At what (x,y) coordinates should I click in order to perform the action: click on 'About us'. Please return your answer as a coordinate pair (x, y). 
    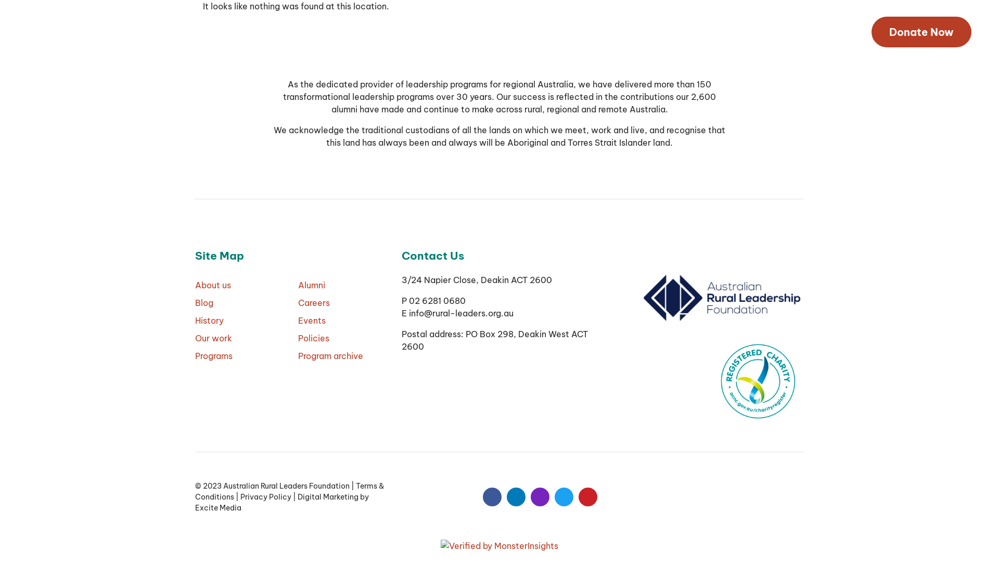
    Looking at the image, I should click on (241, 285).